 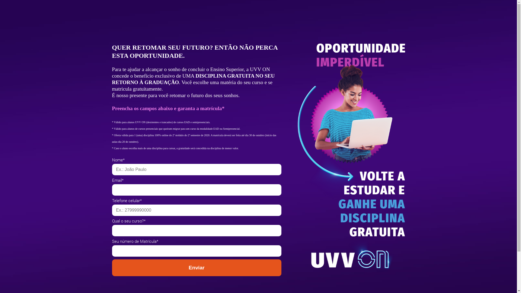 I want to click on 'Enviar', so click(x=196, y=267).